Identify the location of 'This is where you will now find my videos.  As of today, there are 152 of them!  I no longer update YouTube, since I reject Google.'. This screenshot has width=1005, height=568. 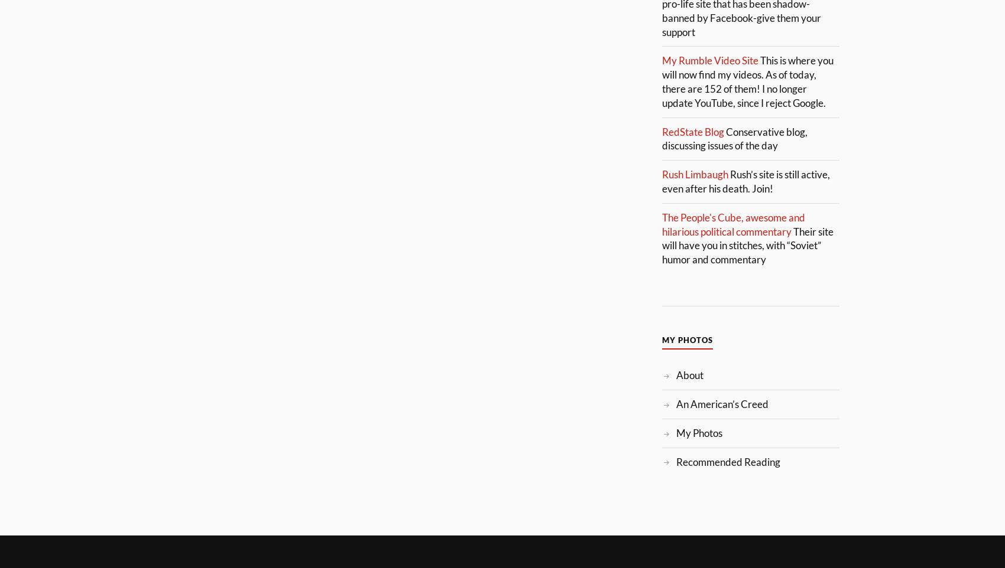
(662, 81).